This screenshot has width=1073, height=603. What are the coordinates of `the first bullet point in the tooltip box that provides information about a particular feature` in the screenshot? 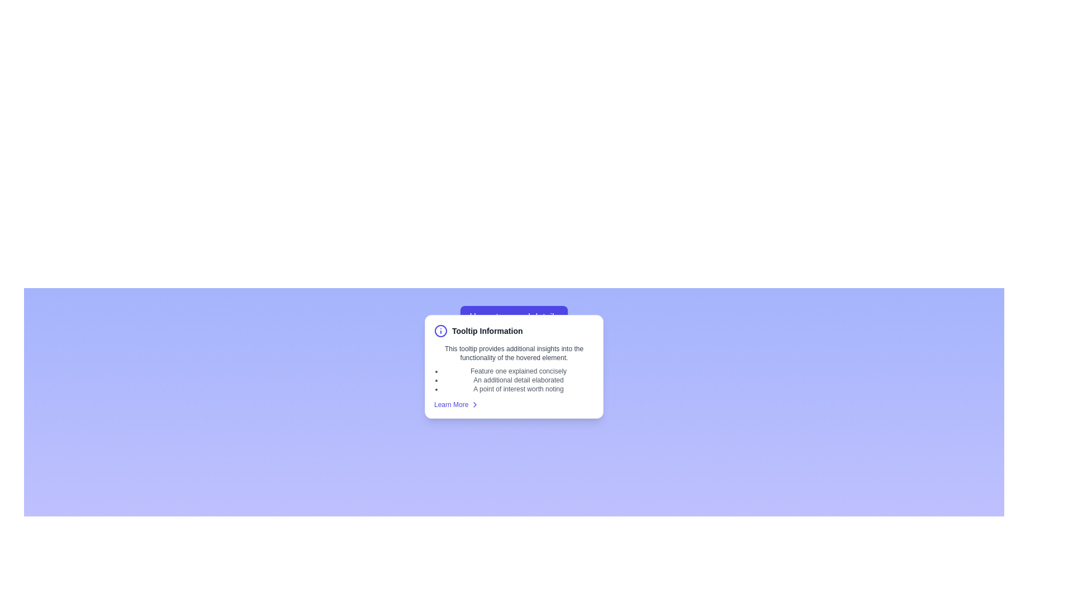 It's located at (517, 371).